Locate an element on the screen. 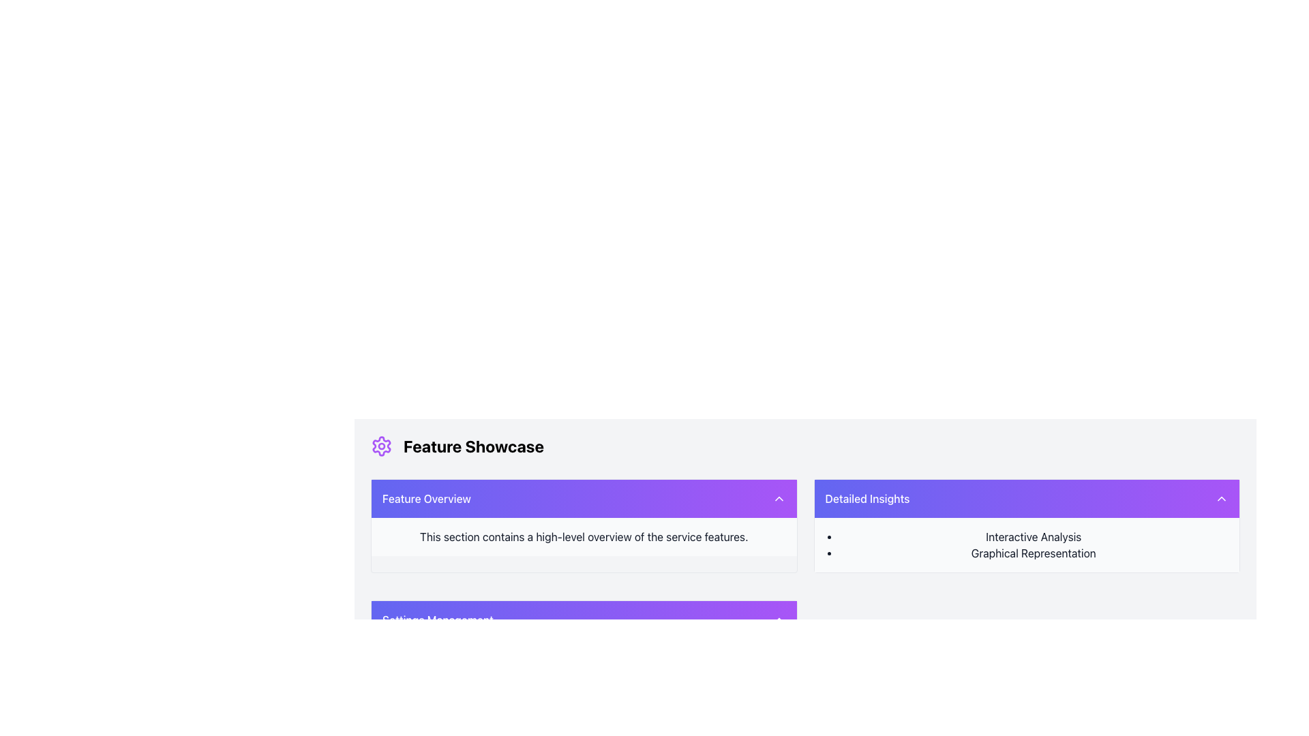  the gear-like vector graphic icon in the SVG is located at coordinates (382, 446).